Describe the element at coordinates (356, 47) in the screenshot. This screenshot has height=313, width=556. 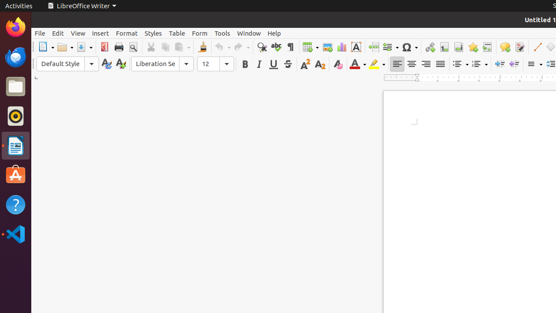
I see `'Text Box'` at that location.